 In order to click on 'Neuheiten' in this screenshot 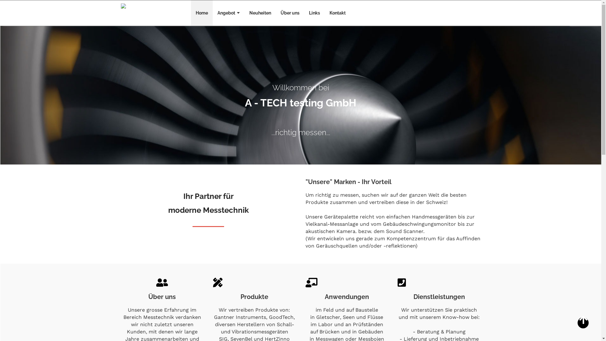, I will do `click(244, 13)`.